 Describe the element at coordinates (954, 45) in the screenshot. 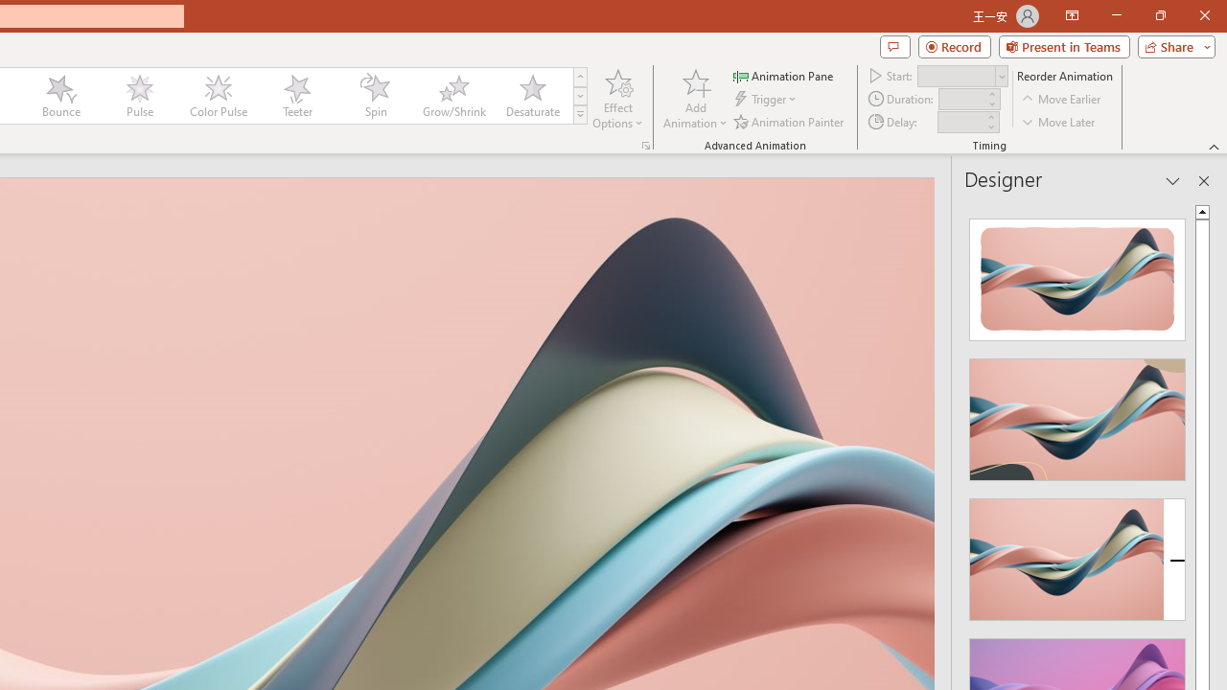

I see `'Record'` at that location.